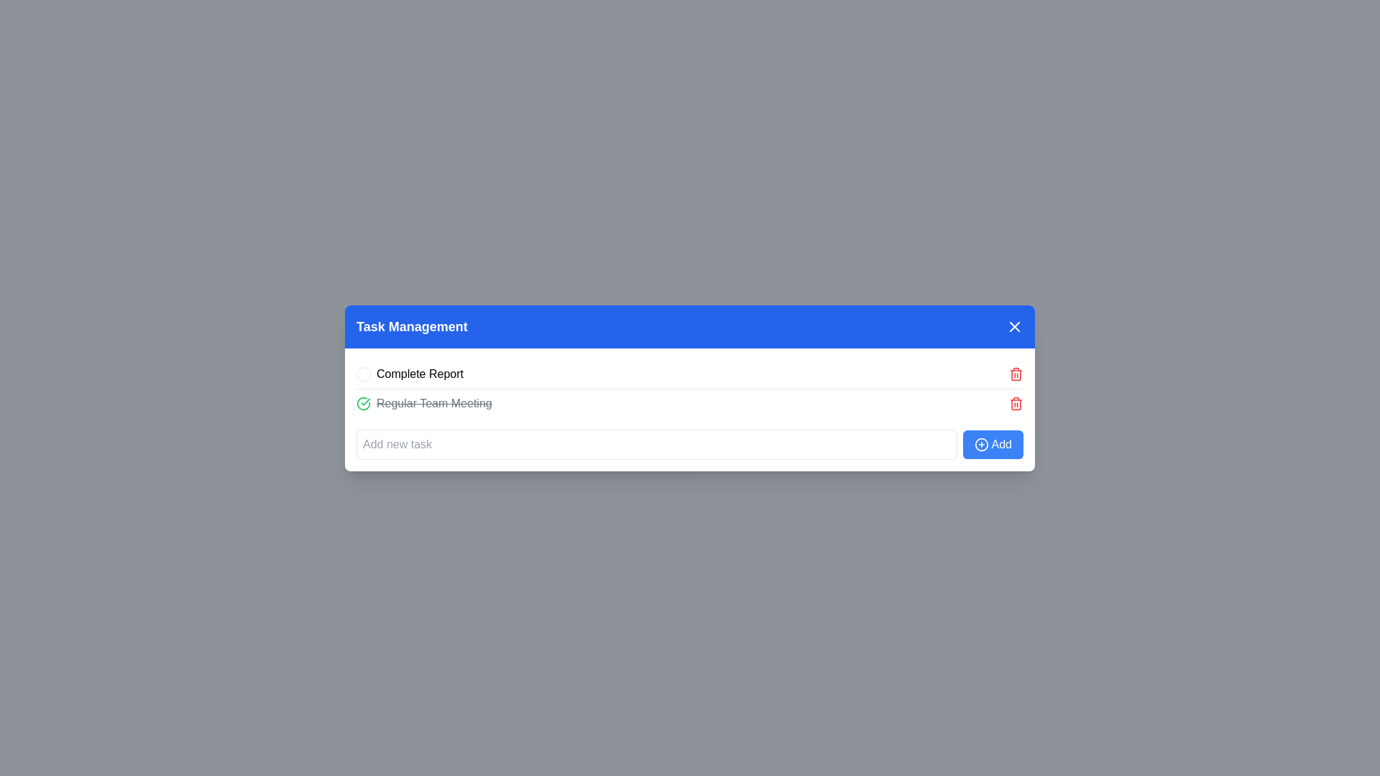 The width and height of the screenshot is (1380, 776). Describe the element at coordinates (1013, 326) in the screenshot. I see `the close button represented as an 'X' icon with a blue background and white foreground located in the top-right corner of the 'Task Management' modal's header` at that location.